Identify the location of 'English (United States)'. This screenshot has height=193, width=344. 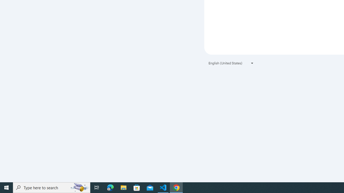
(231, 63).